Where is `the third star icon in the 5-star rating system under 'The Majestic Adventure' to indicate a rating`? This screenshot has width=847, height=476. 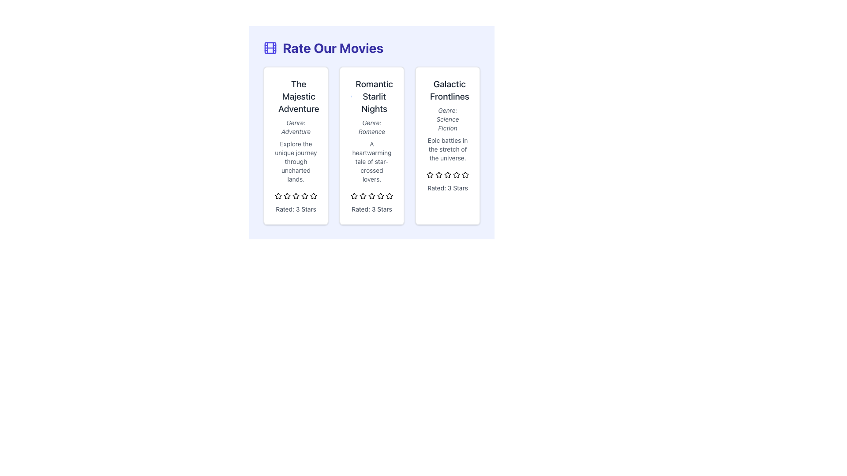
the third star icon in the 5-star rating system under 'The Majestic Adventure' to indicate a rating is located at coordinates (287, 195).